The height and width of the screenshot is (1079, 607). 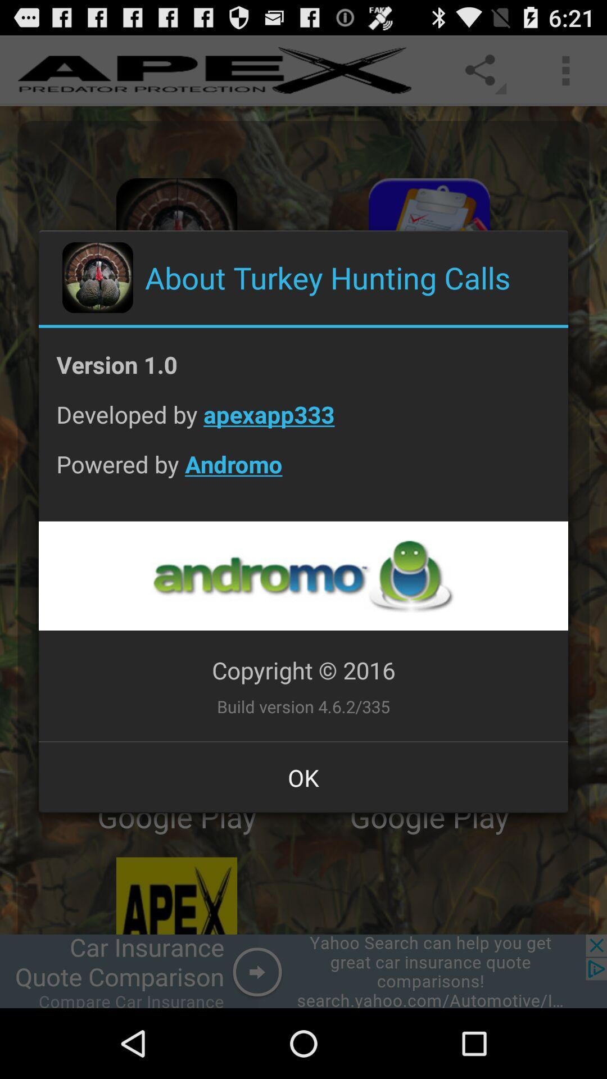 I want to click on the icon above the powered by andromo item, so click(x=303, y=423).